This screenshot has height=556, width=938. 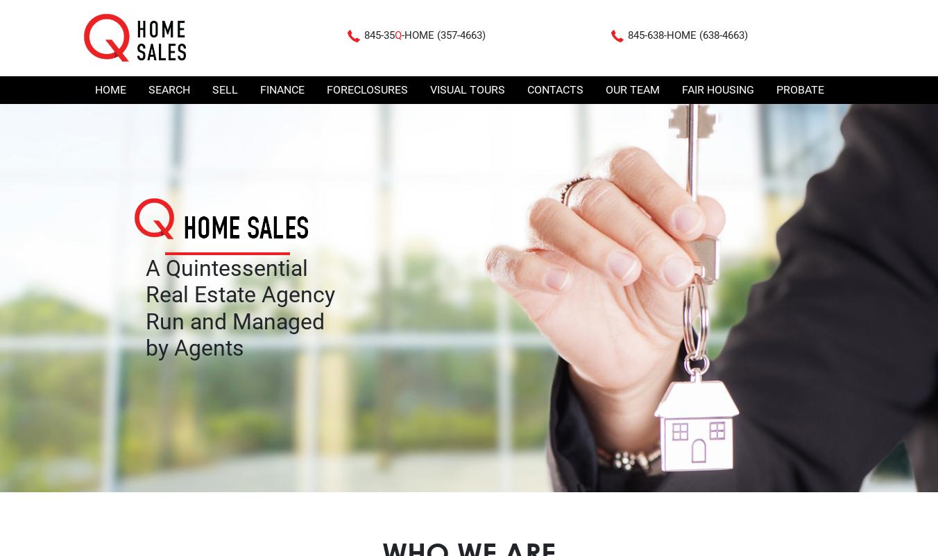 What do you see at coordinates (225, 89) in the screenshot?
I see `'Sell'` at bounding box center [225, 89].